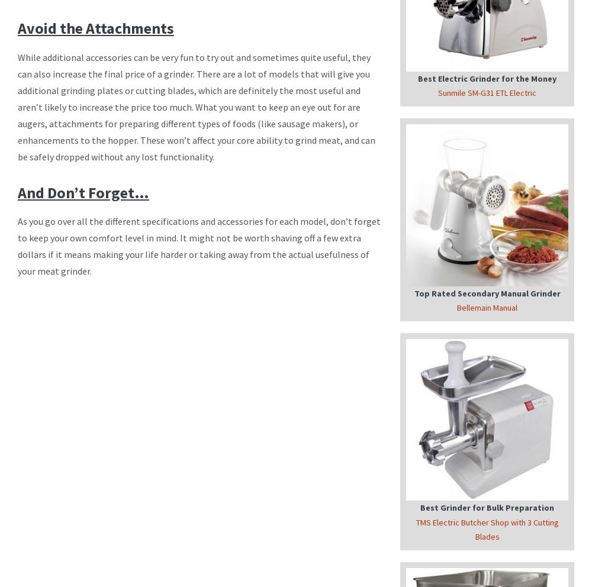 The height and width of the screenshot is (587, 592). I want to click on 'While additional accessories can be very fun to try out and sometimes quite useful, they can also increase the final price of a grinder. There are a lot of models that will give you additional grinding plates or cutting blades, which are definitely the most useful and aren’t likely to increase the price too much. What you want to keep an eye out for are augers, attachments for preparing different types of foods (like sausage makers), or enhancements to the hopper. These won’t affect your core ability to grind meat, and can be safely dropped without any lost functionality.', so click(18, 106).